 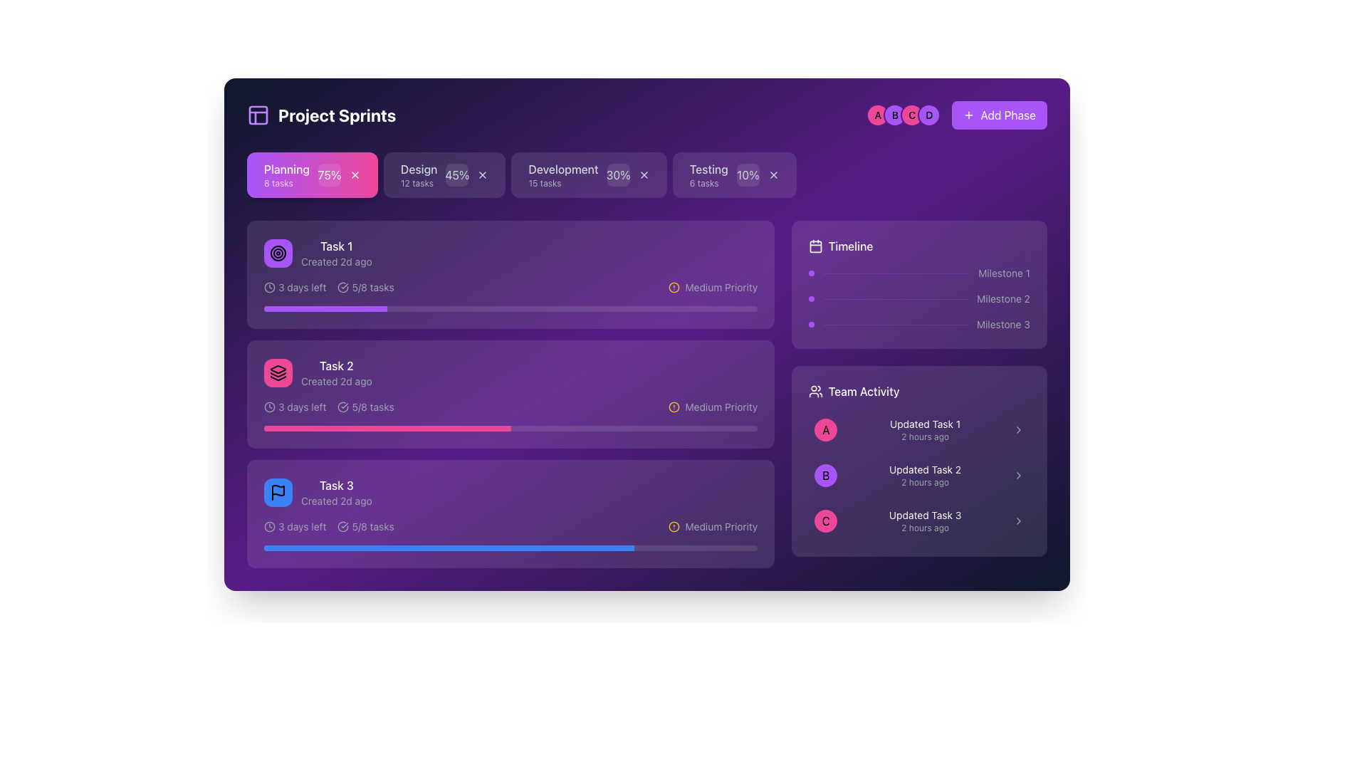 What do you see at coordinates (1002, 324) in the screenshot?
I see `the text label 'Milestone 3' which is styled in a small gray font on a purple background, located at the bottom-right section of the timeline widget` at bounding box center [1002, 324].